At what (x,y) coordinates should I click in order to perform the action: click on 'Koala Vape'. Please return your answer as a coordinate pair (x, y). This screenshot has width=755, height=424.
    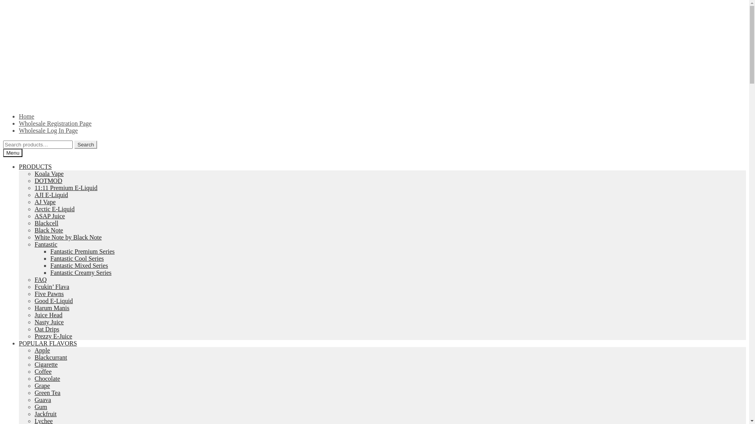
    Looking at the image, I should click on (48, 173).